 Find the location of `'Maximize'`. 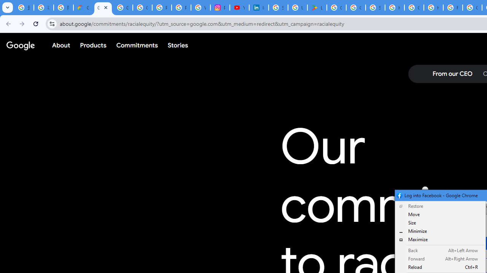

'Maximize' is located at coordinates (440, 239).